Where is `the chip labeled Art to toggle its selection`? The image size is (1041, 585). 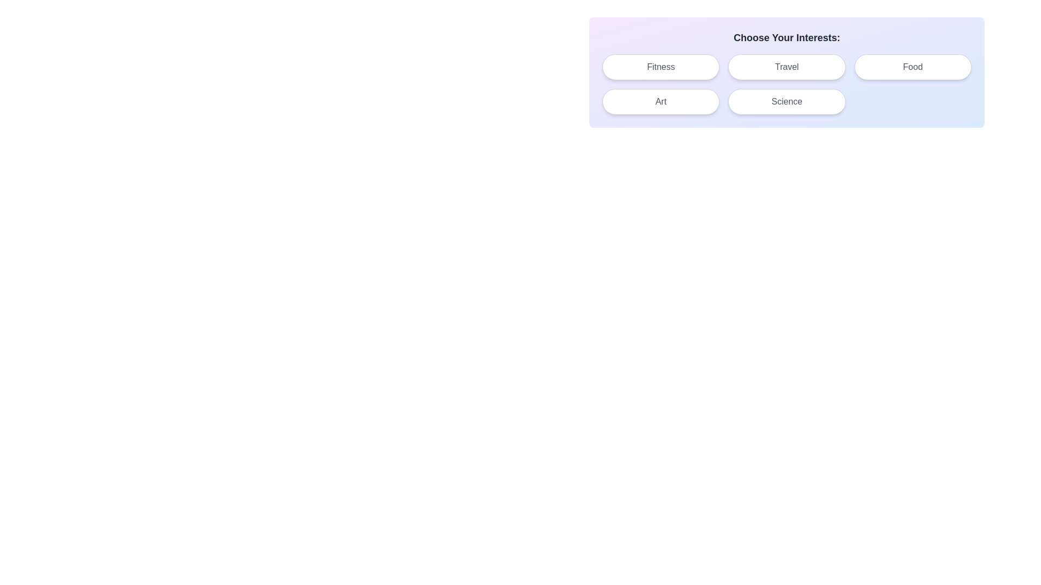
the chip labeled Art to toggle its selection is located at coordinates (660, 102).